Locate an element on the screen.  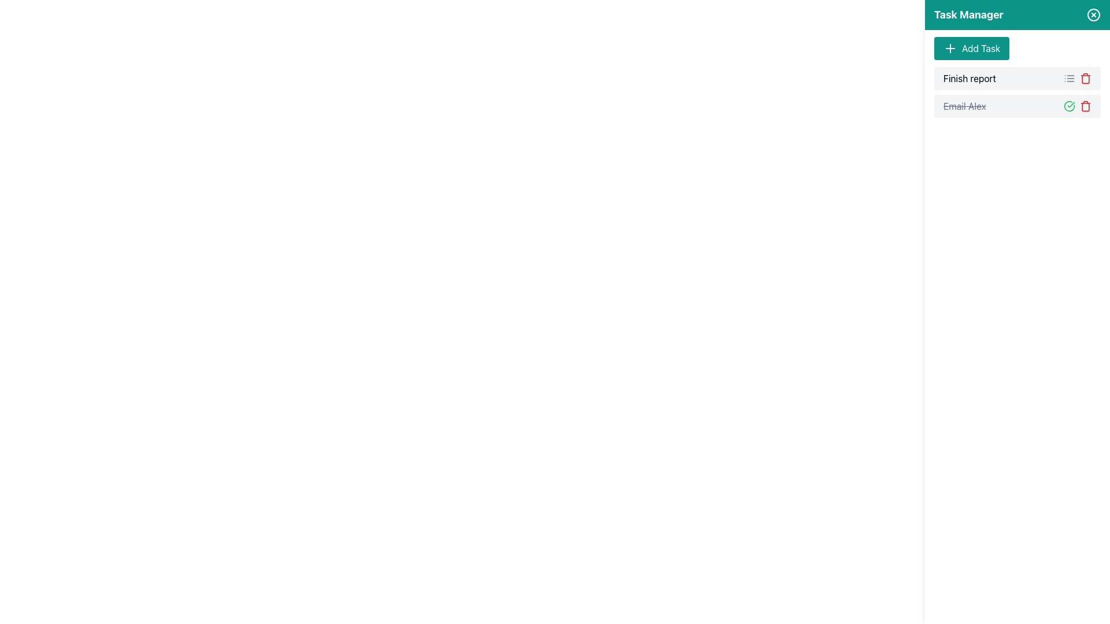
the completed task list item named 'Email Alex' is located at coordinates (1017, 106).